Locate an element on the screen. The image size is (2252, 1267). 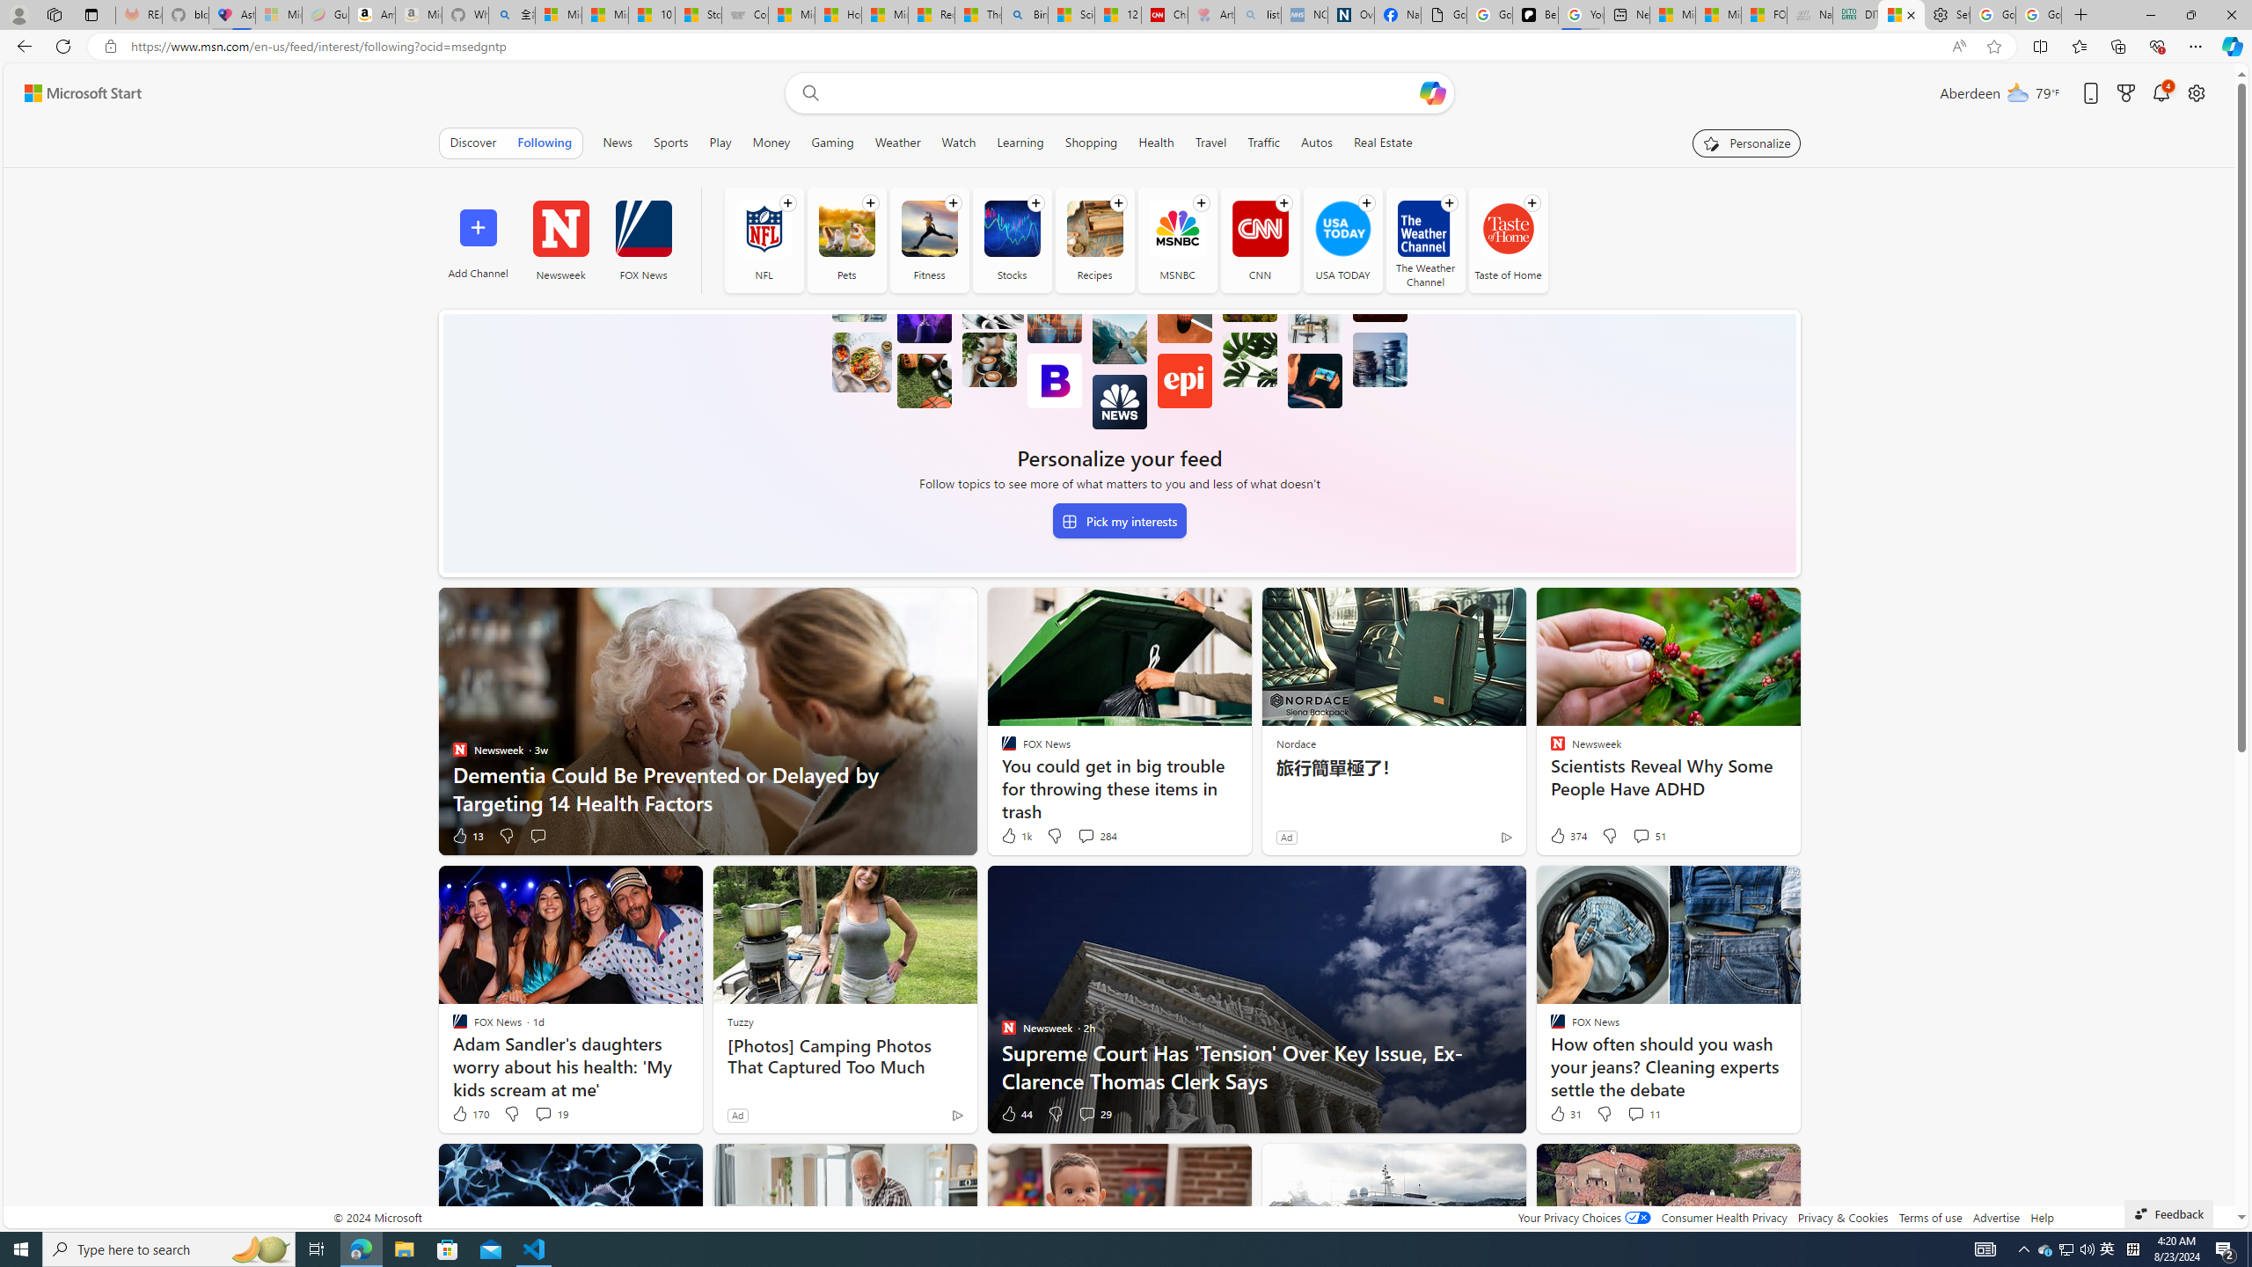
'Google Analytics Opt-out Browser Add-on Download Page' is located at coordinates (1444, 14).